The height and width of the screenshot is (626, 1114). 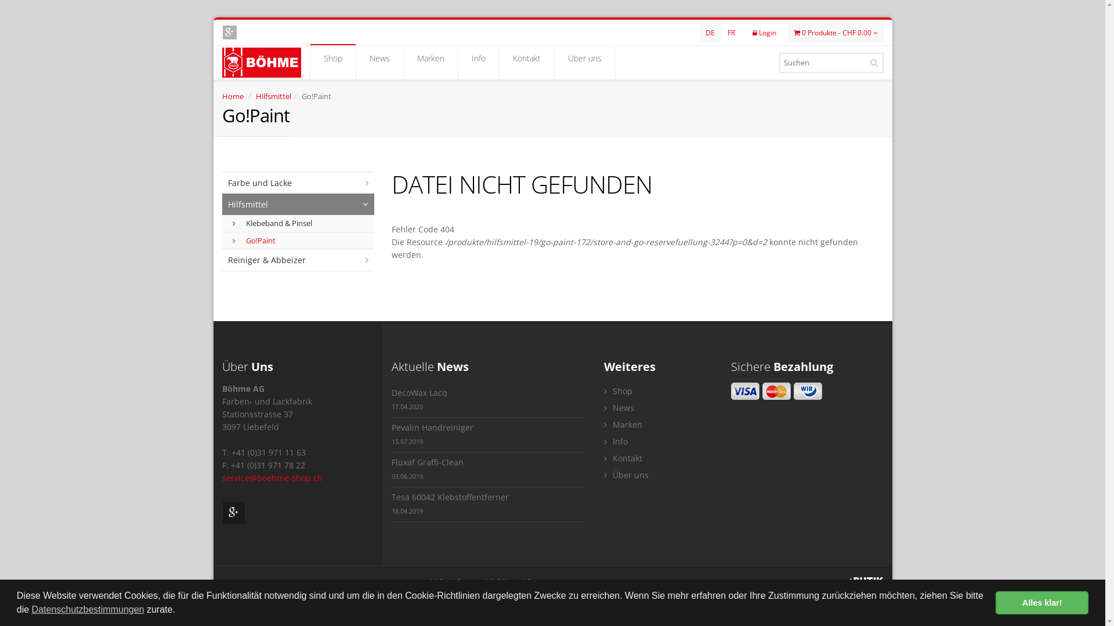 What do you see at coordinates (88, 609) in the screenshot?
I see `'Datenschutzbestimmungen'` at bounding box center [88, 609].